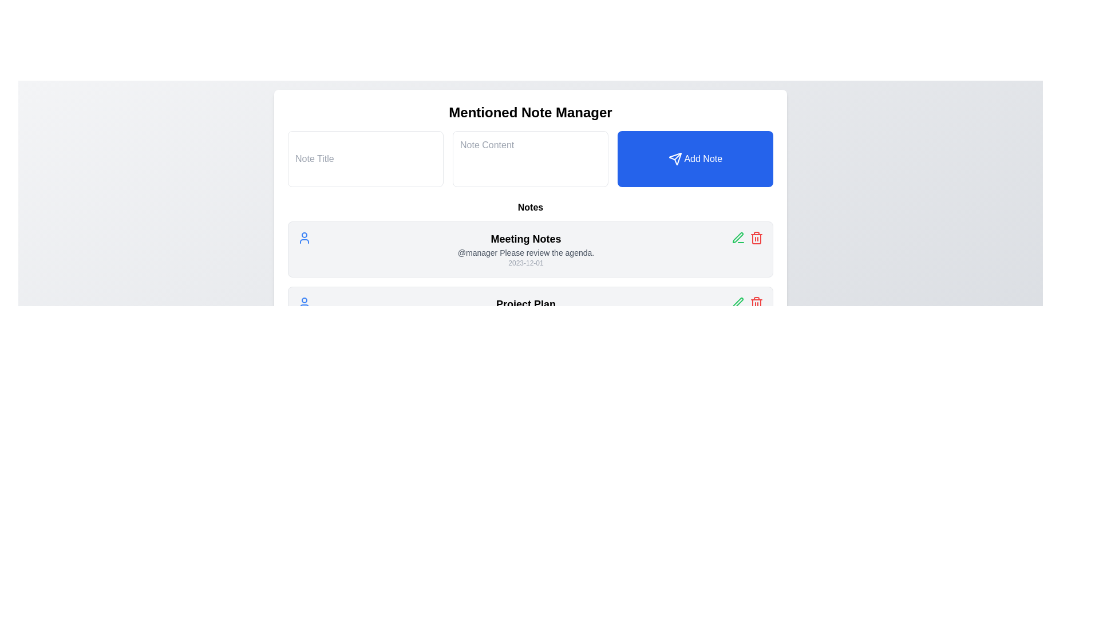 The height and width of the screenshot is (618, 1099). I want to click on the leftmost icon in the 'Meeting Notes' row, so click(738, 237).